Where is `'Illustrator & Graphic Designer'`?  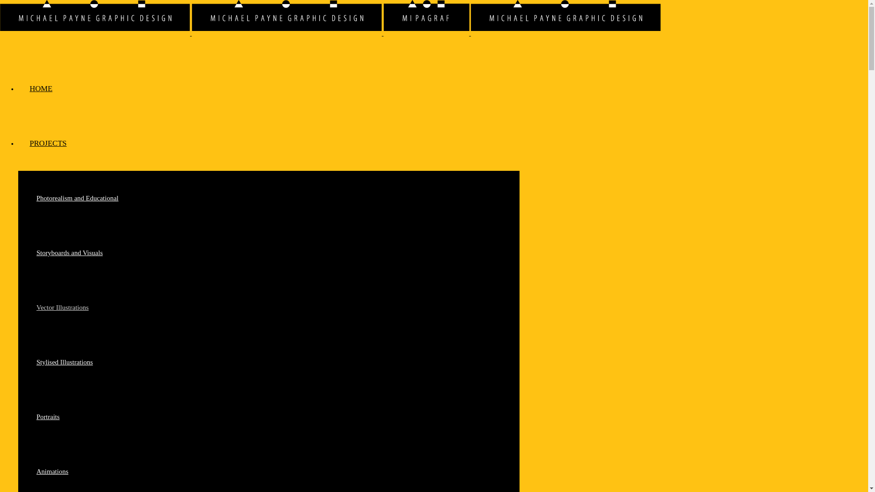
'Illustrator & Graphic Designer' is located at coordinates (286, 17).